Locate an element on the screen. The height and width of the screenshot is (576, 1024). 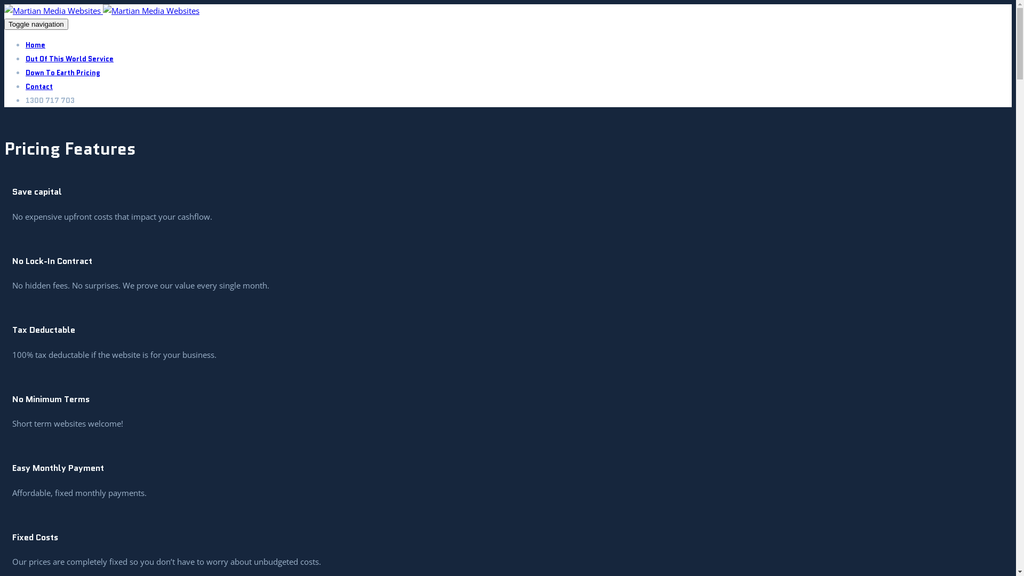
'Contact' is located at coordinates (39, 86).